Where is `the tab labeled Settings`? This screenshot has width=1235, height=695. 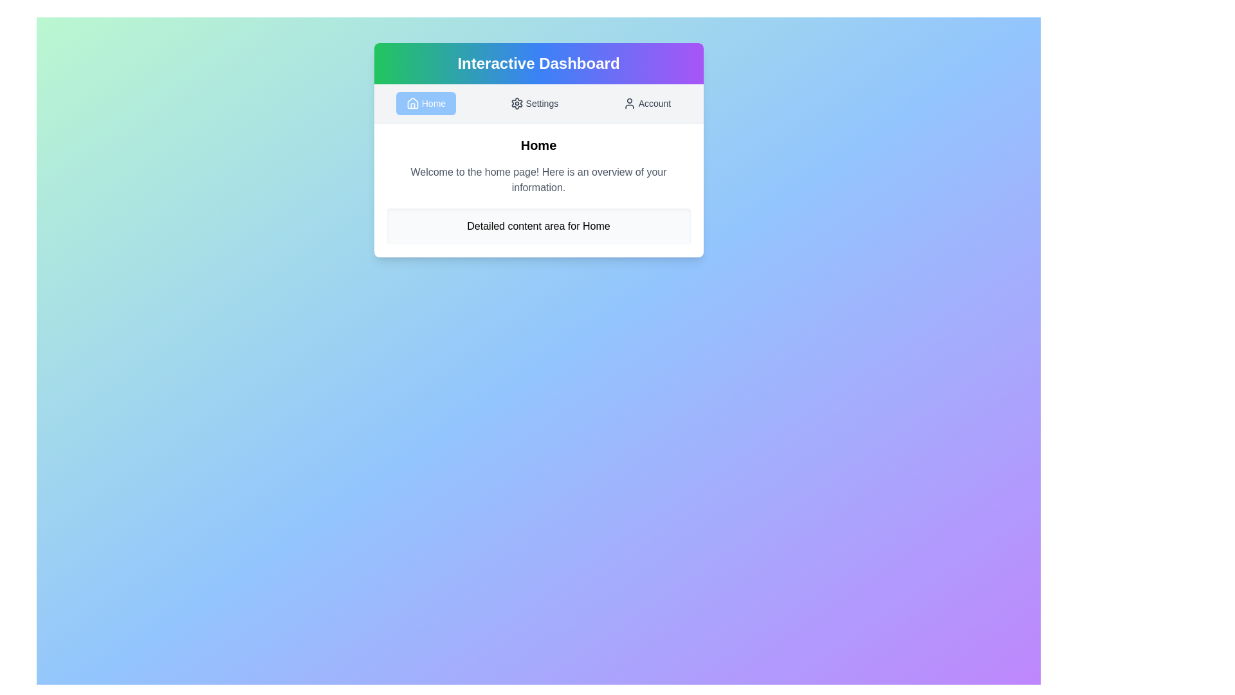 the tab labeled Settings is located at coordinates (534, 103).